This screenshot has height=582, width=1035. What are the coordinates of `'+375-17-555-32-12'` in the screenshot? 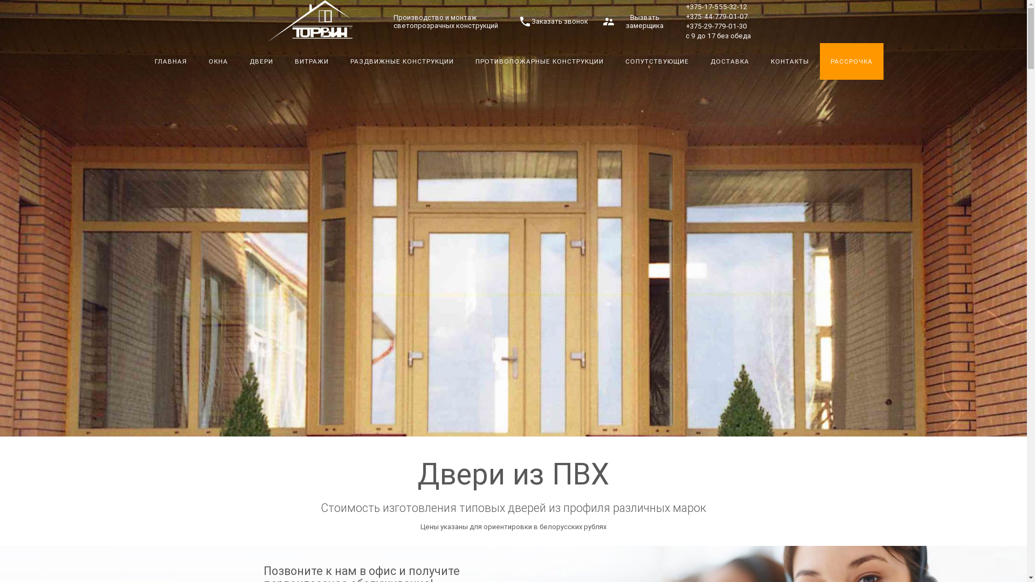 It's located at (716, 6).